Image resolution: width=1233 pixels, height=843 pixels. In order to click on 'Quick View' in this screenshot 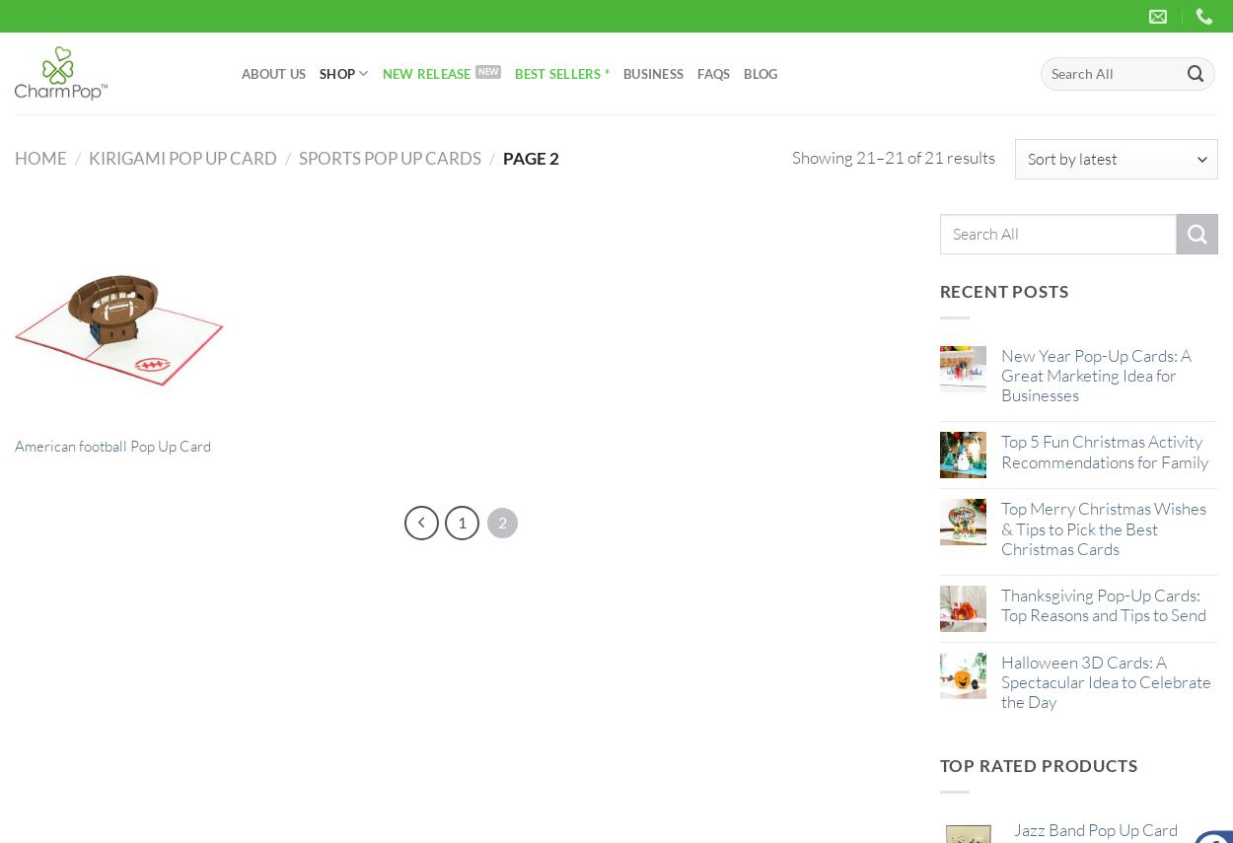, I will do `click(117, 438)`.